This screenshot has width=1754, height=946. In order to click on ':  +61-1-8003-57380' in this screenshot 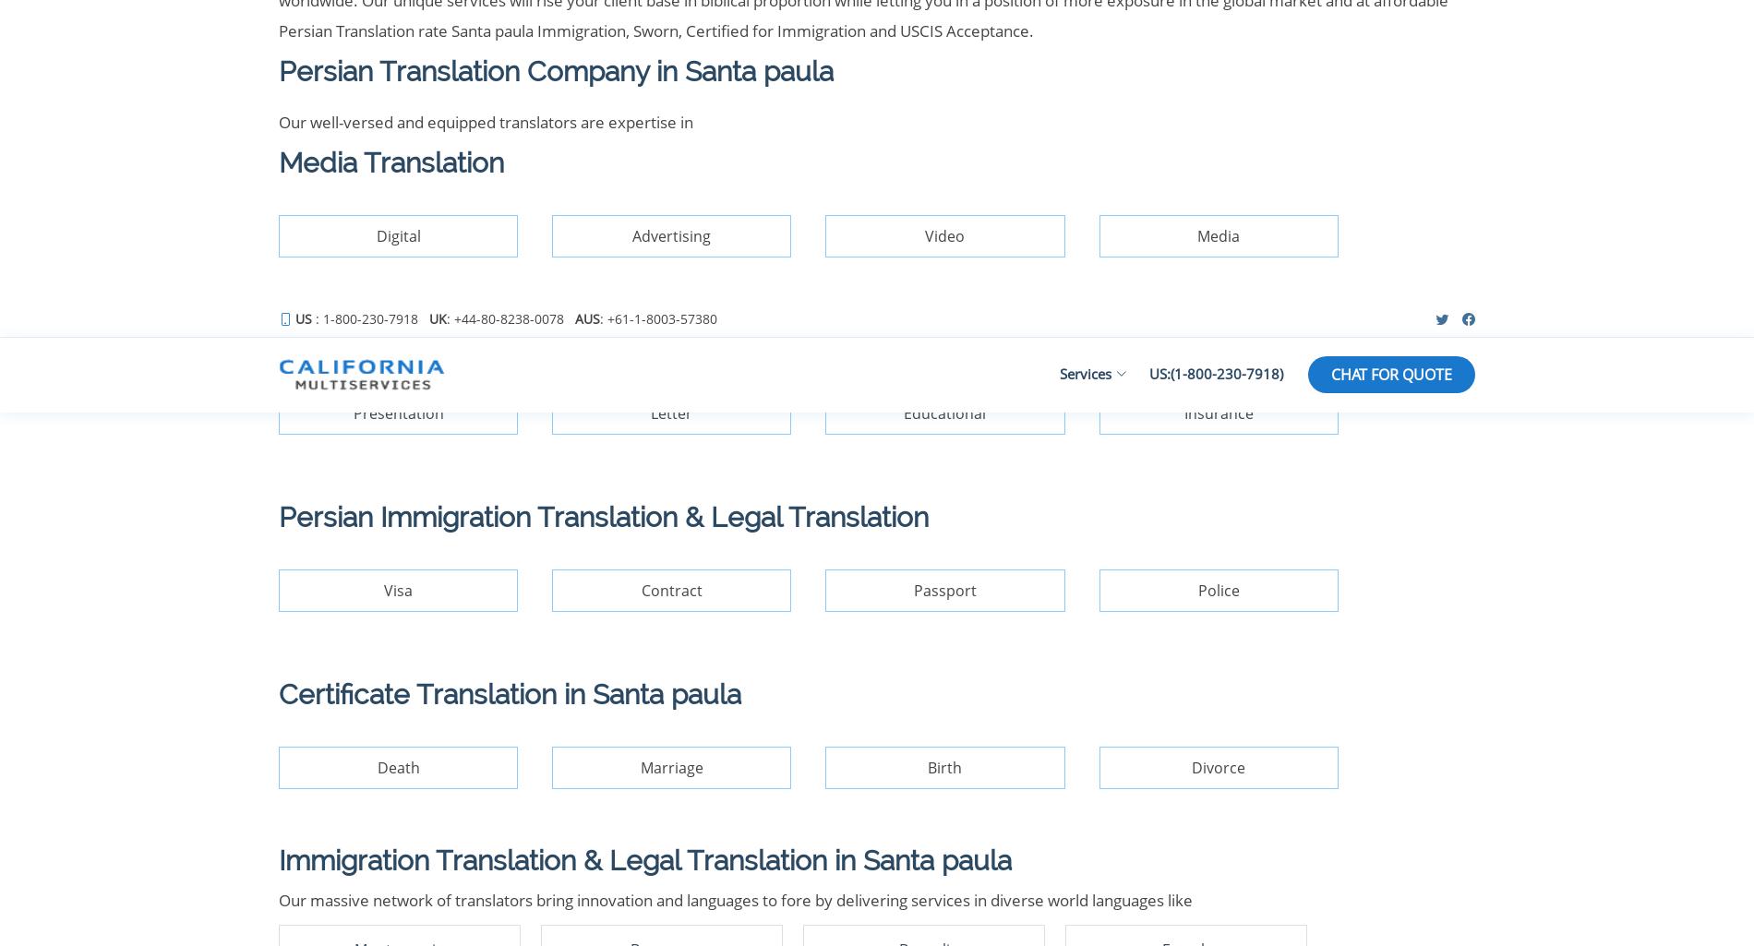, I will do `click(892, 396)`.